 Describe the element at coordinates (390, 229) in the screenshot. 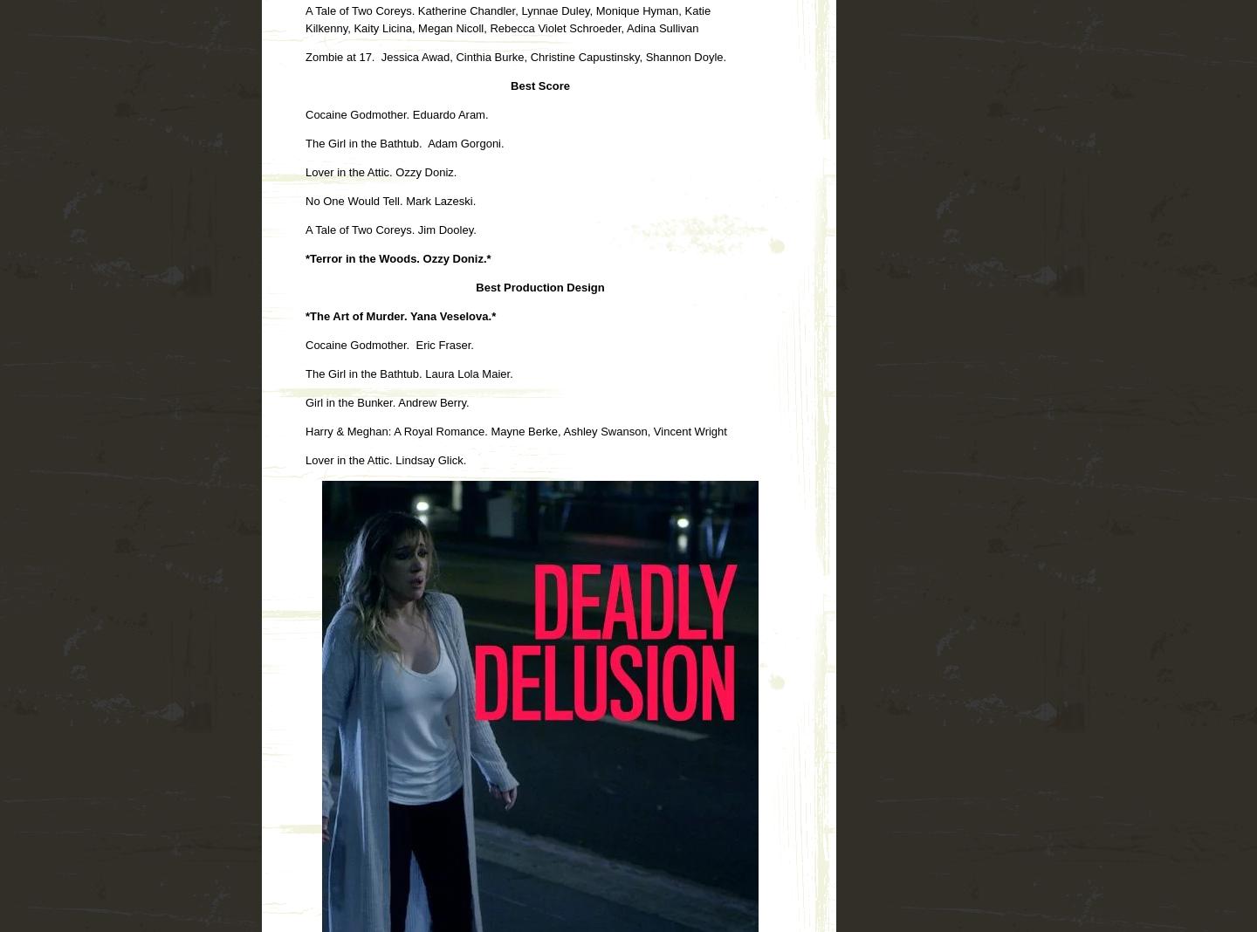

I see `'A Tale of Two Coreys. Jim Dooley.'` at that location.